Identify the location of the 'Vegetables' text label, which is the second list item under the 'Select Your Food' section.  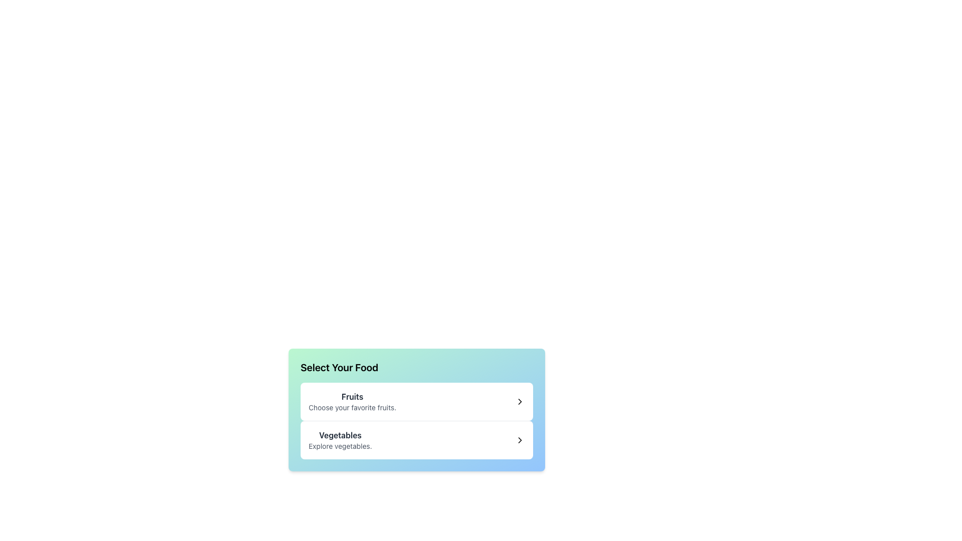
(340, 434).